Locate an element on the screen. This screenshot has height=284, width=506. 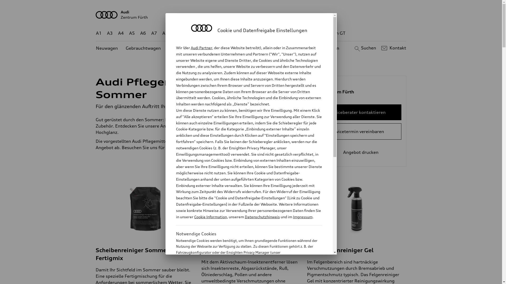
'Q5' is located at coordinates (224, 33).